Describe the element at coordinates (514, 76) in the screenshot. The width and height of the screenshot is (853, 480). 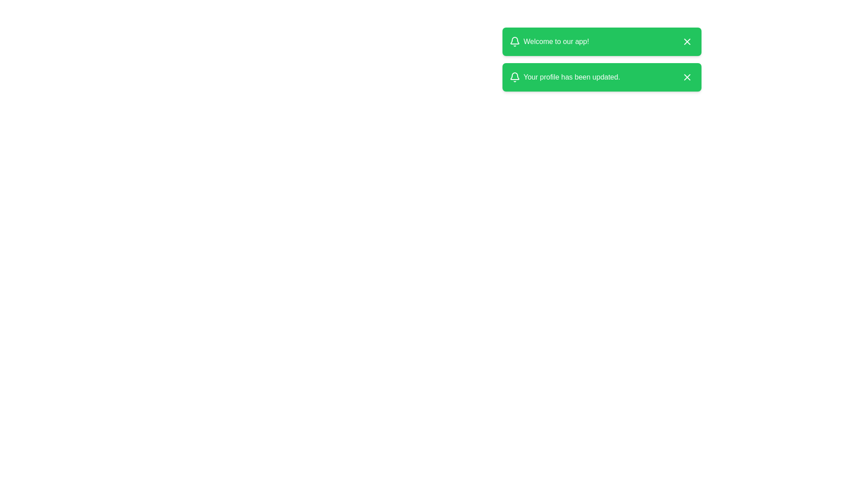
I see `the notification icon located on the second green notification box next to the text 'Your profile has been updated.'` at that location.